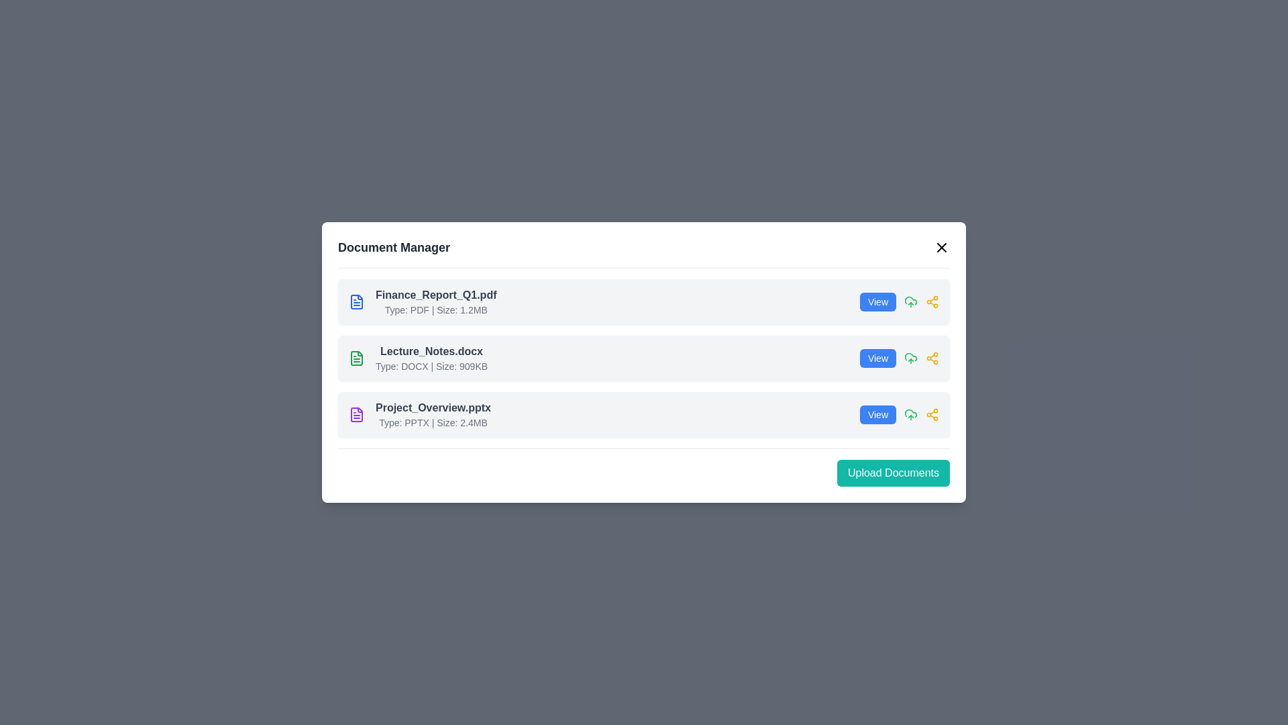  What do you see at coordinates (357, 357) in the screenshot?
I see `the document file icon representing 'Lecture_Notes.docx', which is located to the left of the text in the second row of the document list interface` at bounding box center [357, 357].